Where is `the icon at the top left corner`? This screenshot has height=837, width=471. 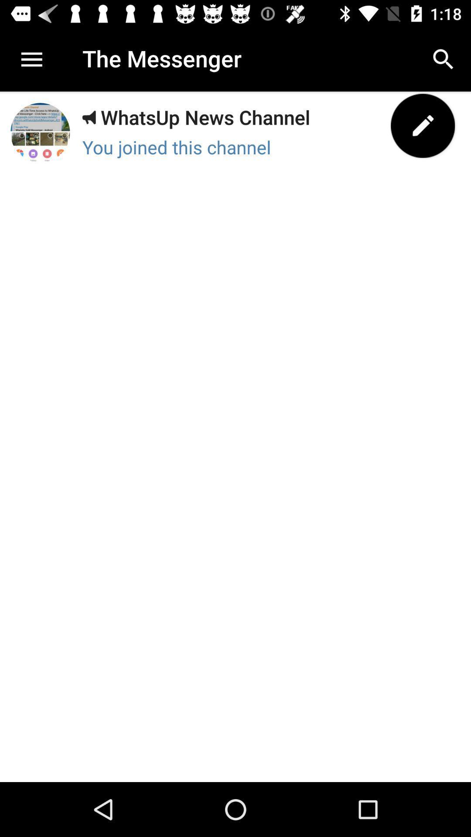
the icon at the top left corner is located at coordinates (30, 59).